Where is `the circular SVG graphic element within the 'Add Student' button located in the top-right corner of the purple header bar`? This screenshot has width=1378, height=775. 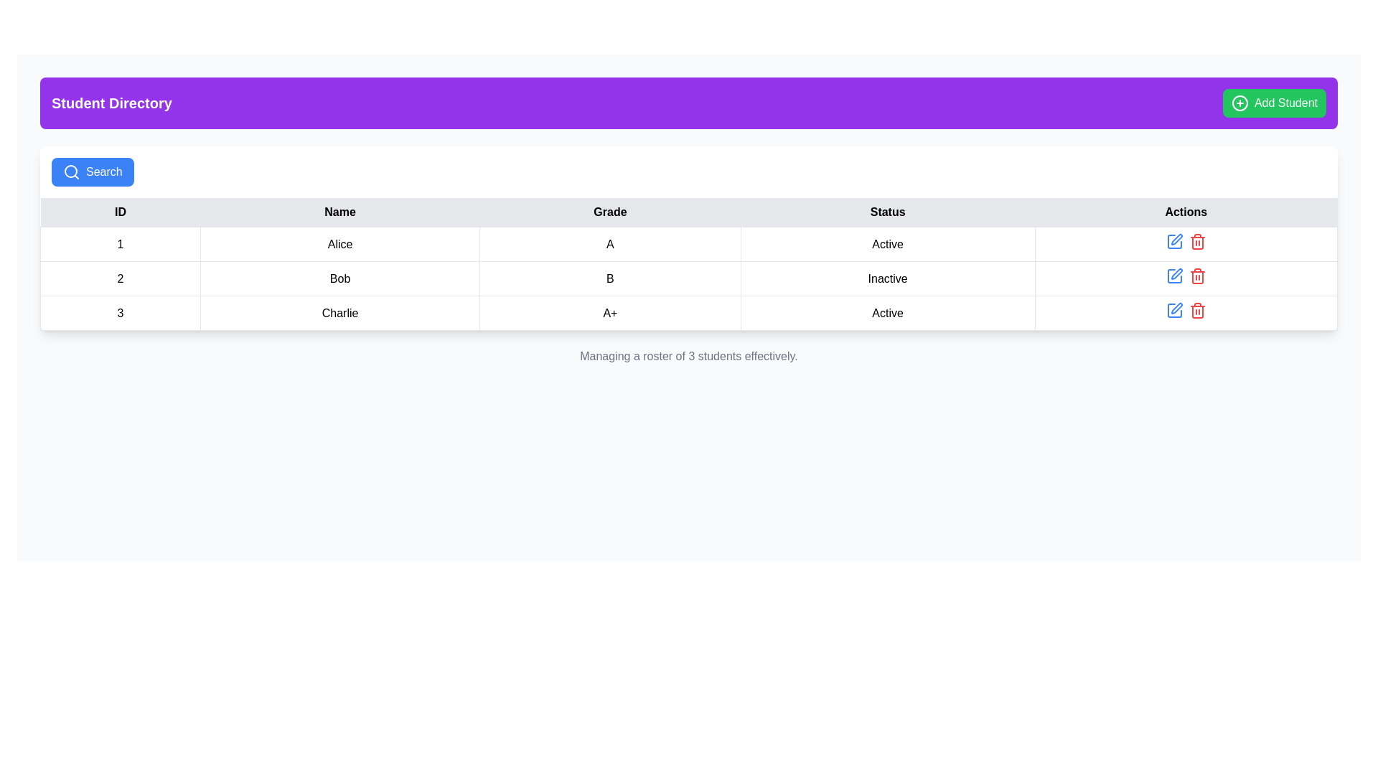
the circular SVG graphic element within the 'Add Student' button located in the top-right corner of the purple header bar is located at coordinates (1239, 102).